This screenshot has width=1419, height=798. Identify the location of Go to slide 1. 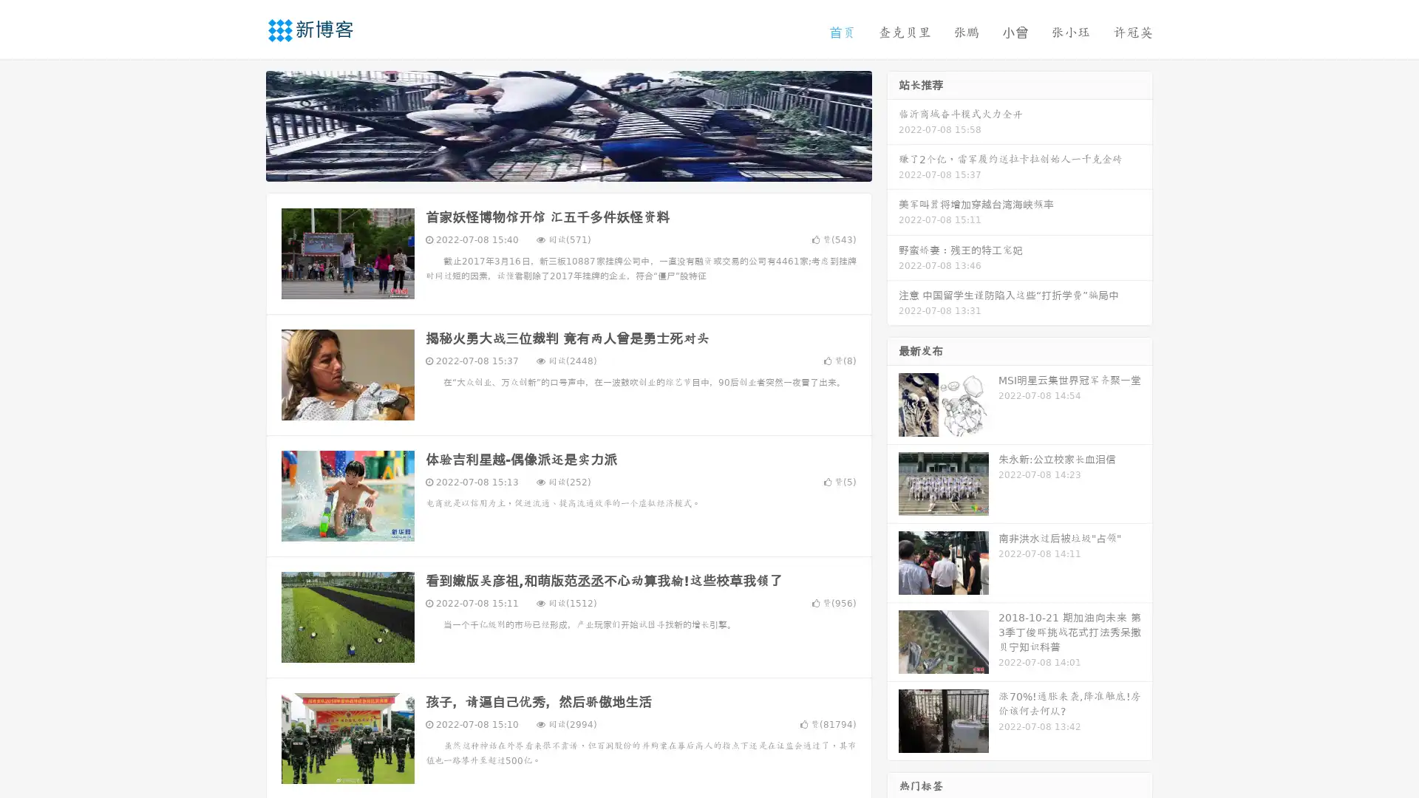
(553, 166).